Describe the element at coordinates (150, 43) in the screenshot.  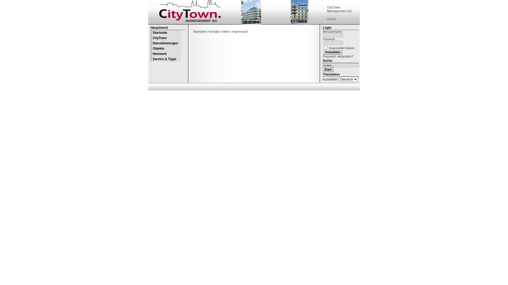
I see `'Dienstleistungen'` at that location.